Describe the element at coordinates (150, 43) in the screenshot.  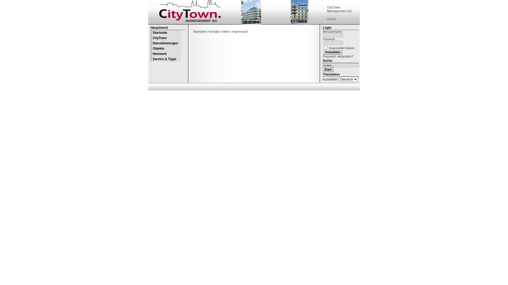
I see `'Dienstleistungen'` at that location.